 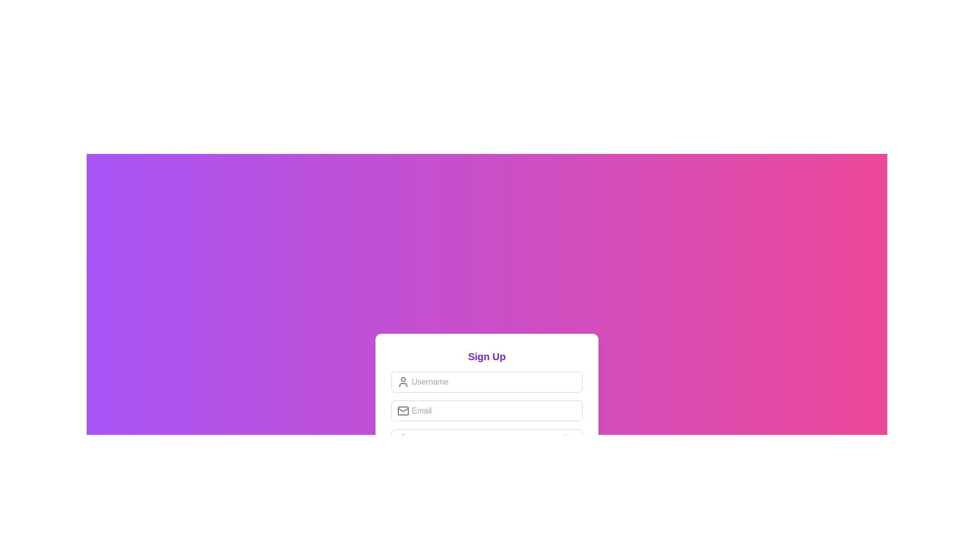 I want to click on the visibility toggle button represented by an eye with a slash, located at the far right of the password input field, so click(x=571, y=439).